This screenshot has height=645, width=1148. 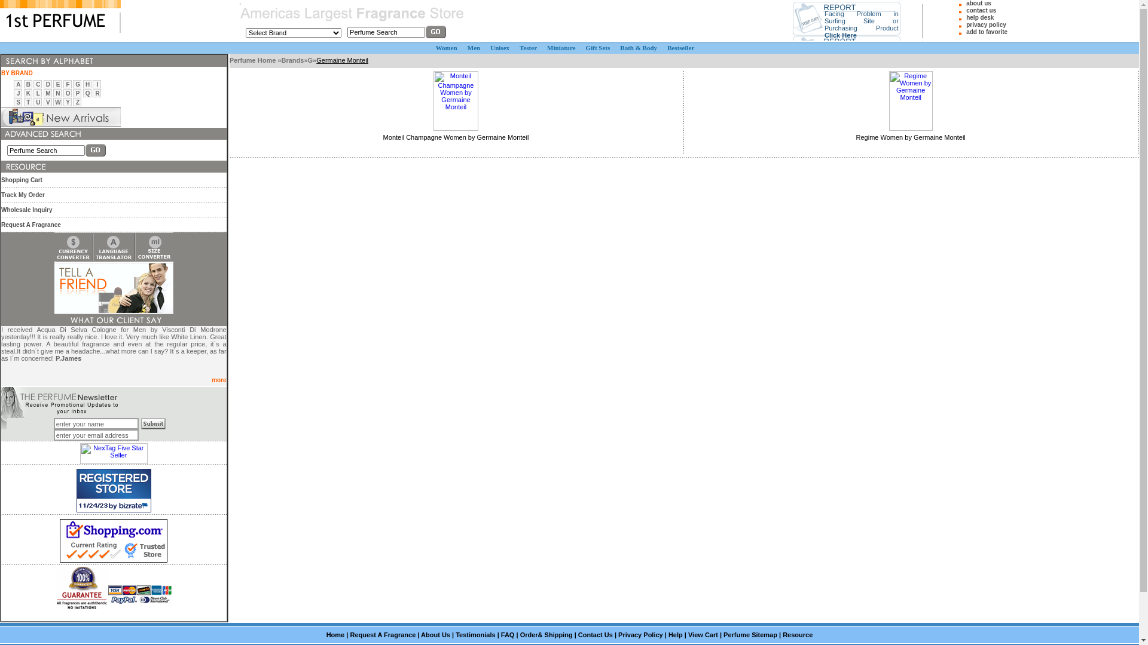 I want to click on 'Contact Us', so click(x=578, y=634).